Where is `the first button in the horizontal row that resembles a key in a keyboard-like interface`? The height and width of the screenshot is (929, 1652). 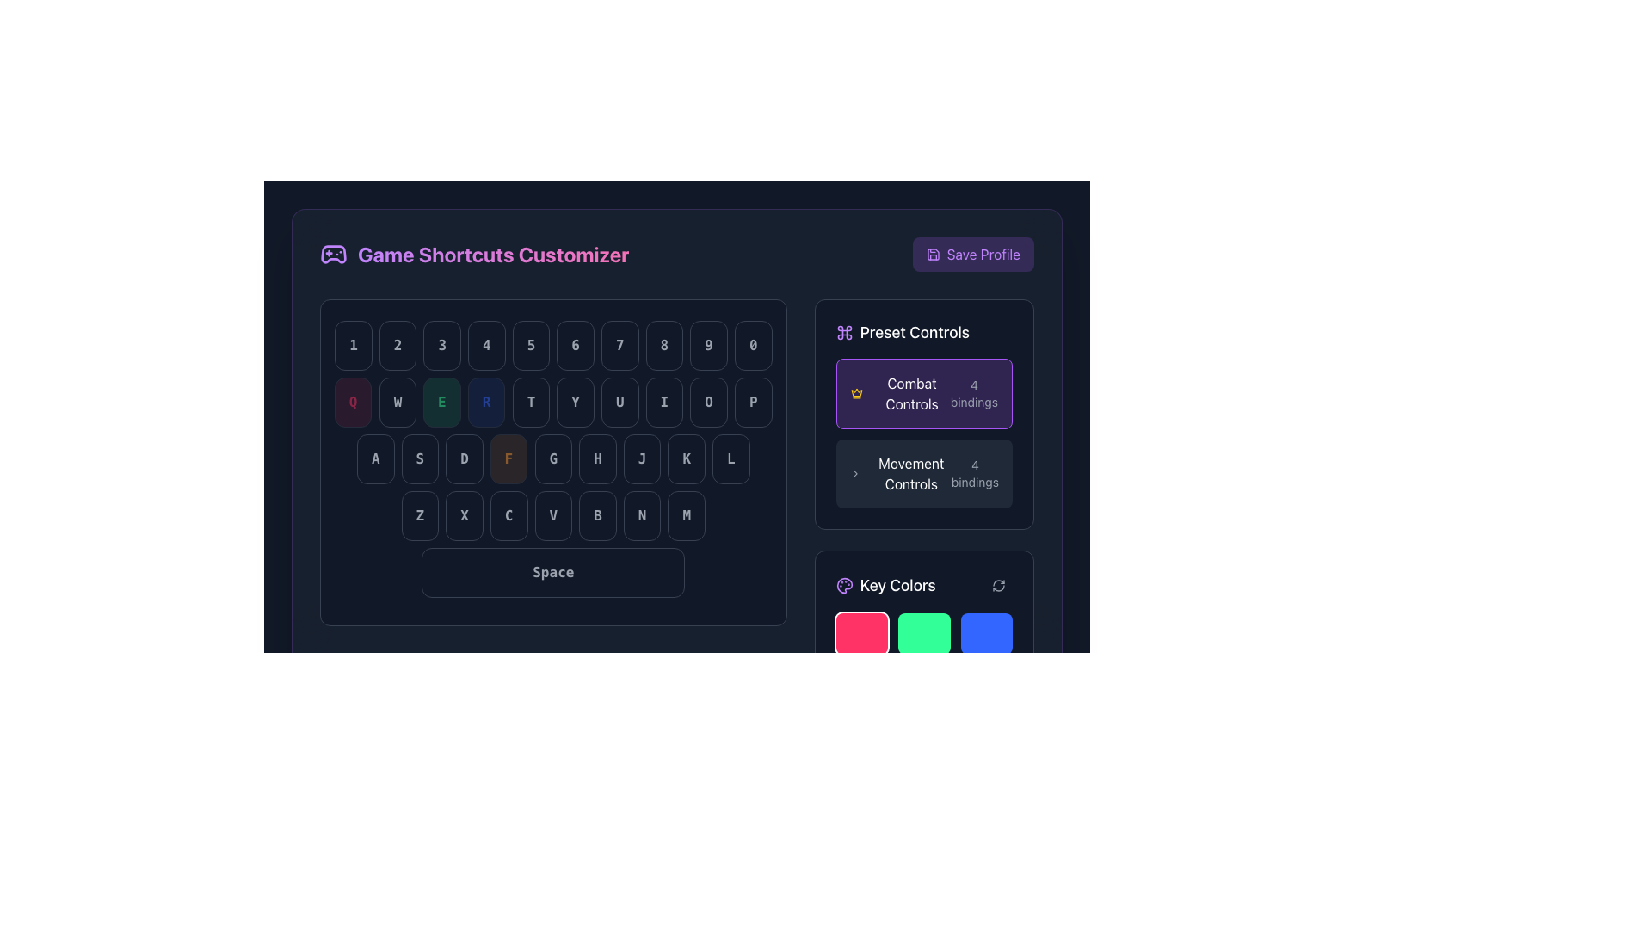
the first button in the horizontal row that resembles a key in a keyboard-like interface is located at coordinates (374, 458).